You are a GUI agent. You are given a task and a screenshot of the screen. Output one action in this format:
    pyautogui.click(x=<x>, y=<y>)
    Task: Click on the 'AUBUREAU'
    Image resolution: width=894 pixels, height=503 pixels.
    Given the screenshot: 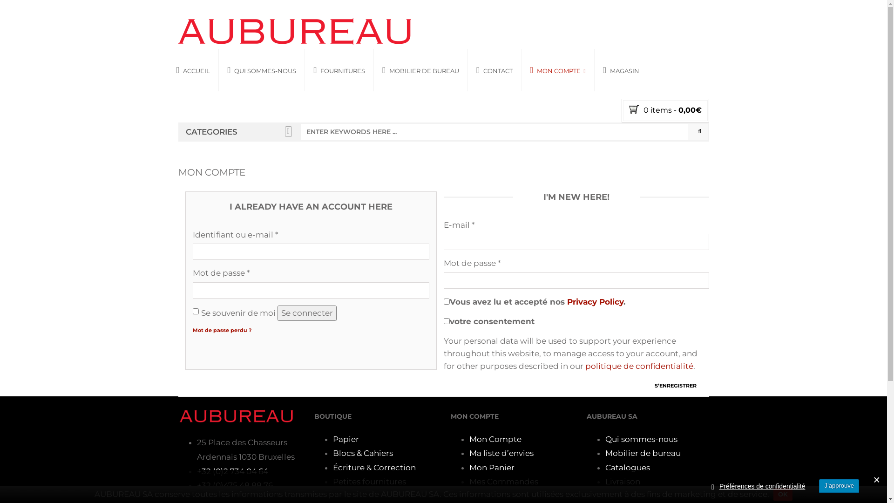 What is the action you would take?
    pyautogui.click(x=294, y=31)
    